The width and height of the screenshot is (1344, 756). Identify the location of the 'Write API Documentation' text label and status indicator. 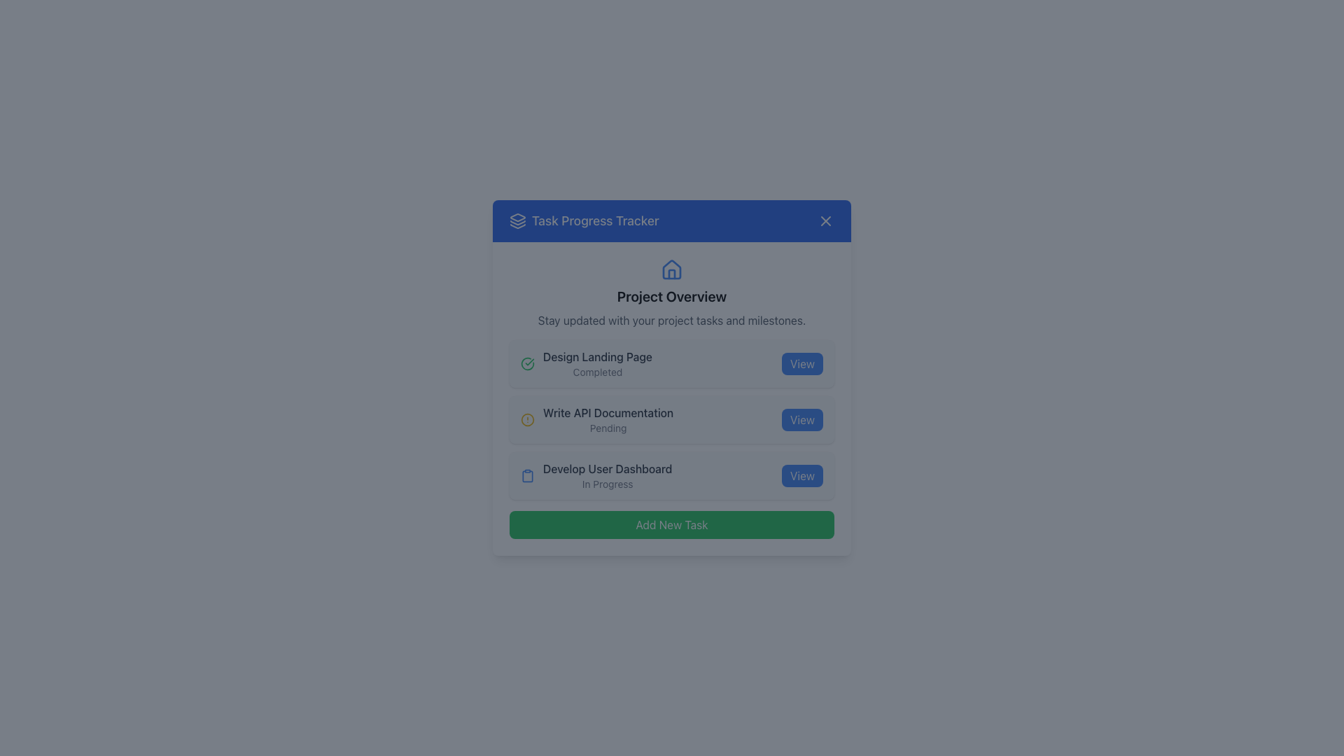
(597, 419).